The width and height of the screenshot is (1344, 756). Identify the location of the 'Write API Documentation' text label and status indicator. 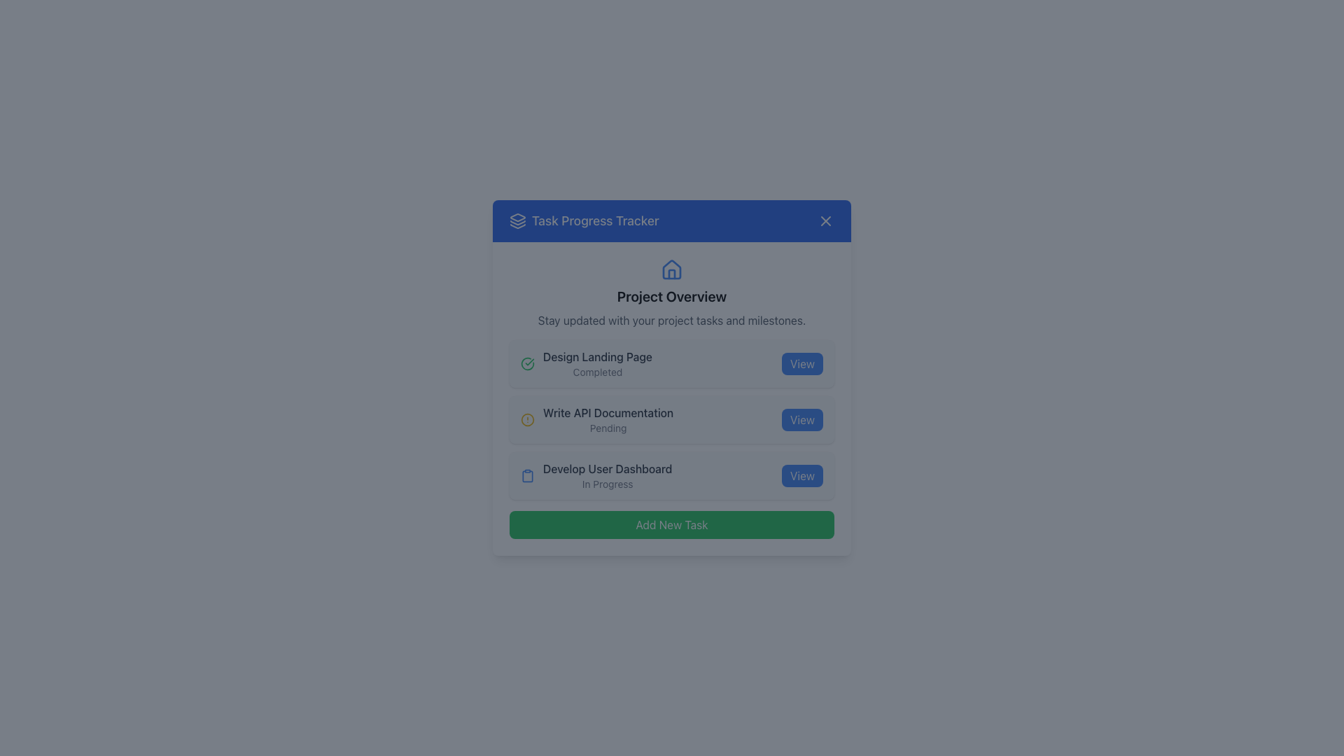
(597, 419).